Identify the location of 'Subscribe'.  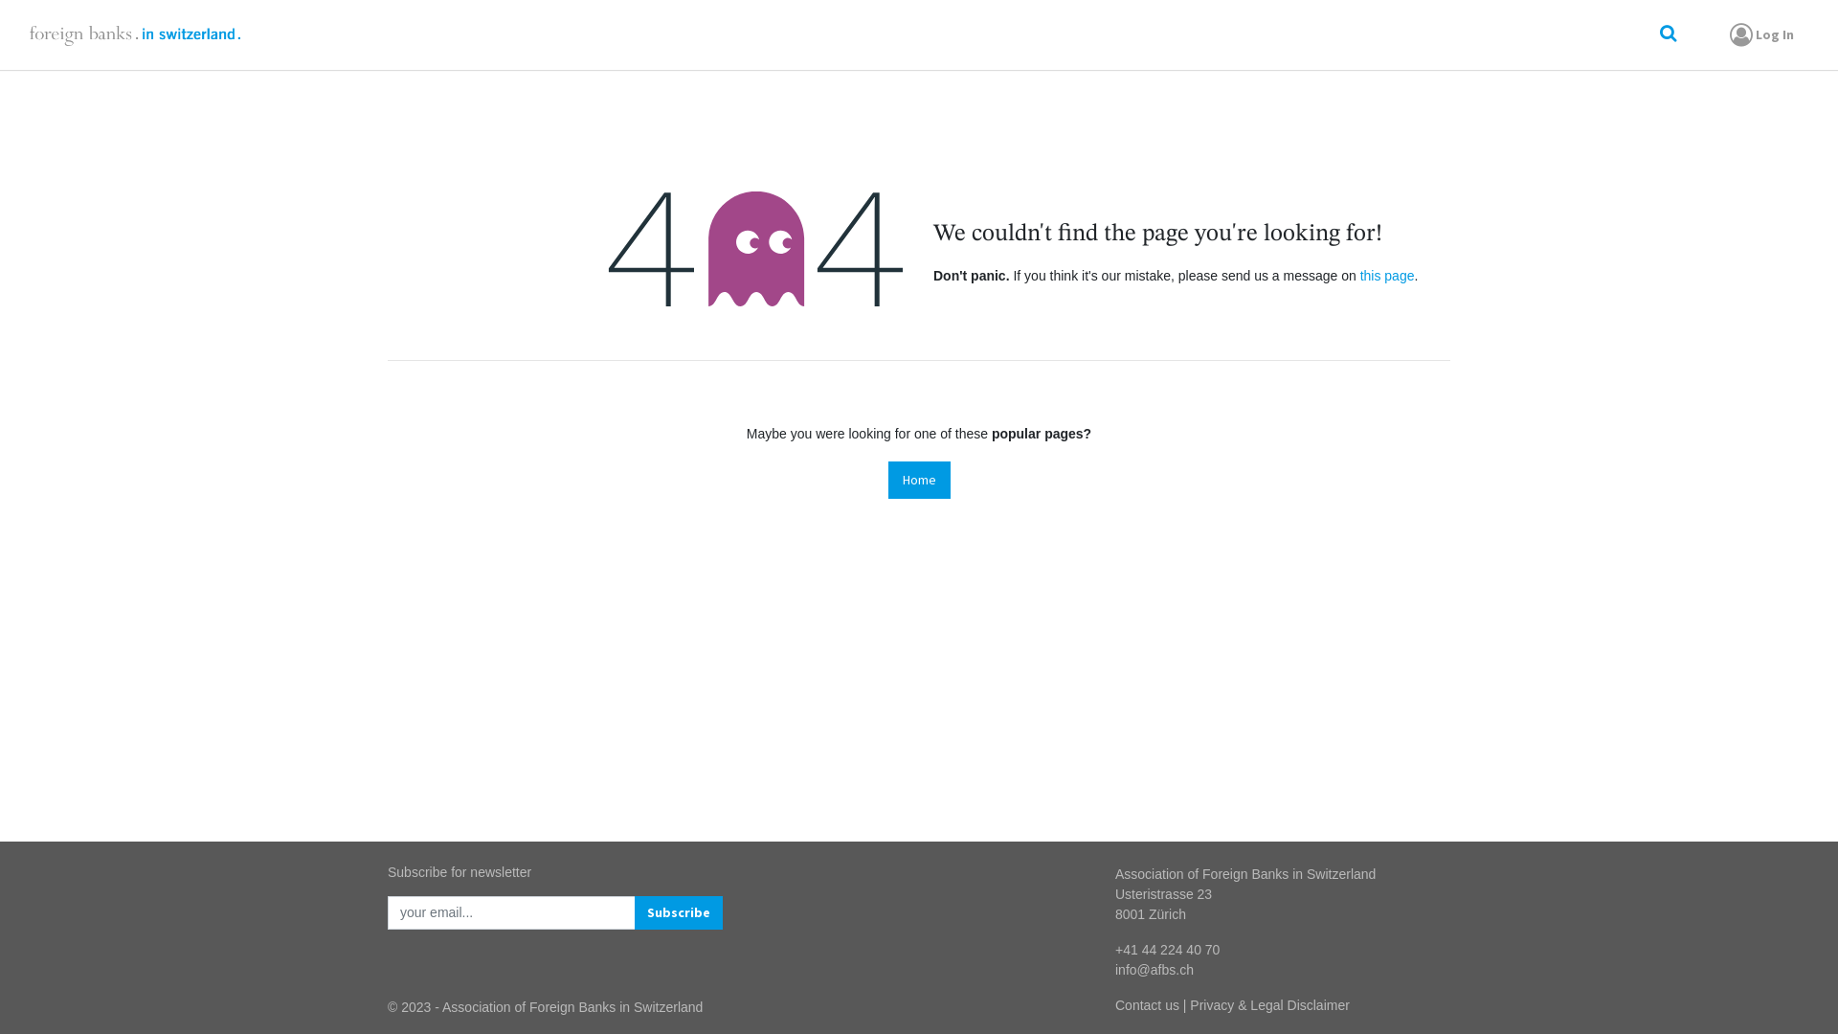
(679, 911).